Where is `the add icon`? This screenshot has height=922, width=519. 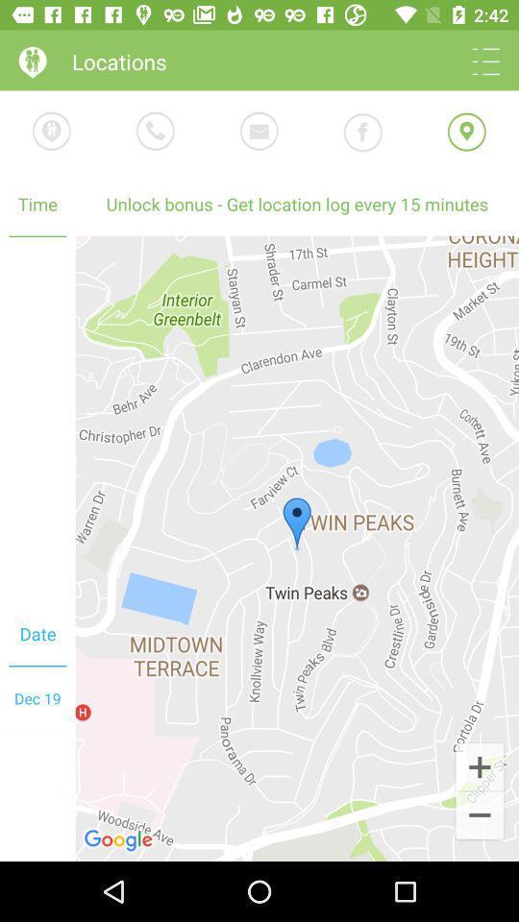
the add icon is located at coordinates (479, 766).